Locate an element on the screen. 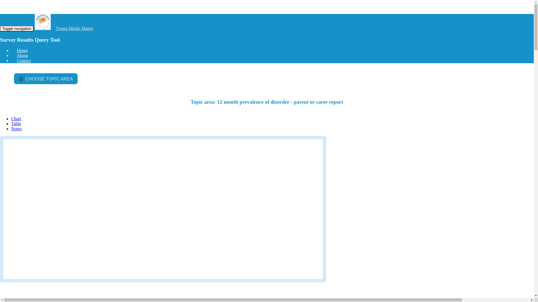  'CHOOSE TOPIC AREA' is located at coordinates (46, 79).